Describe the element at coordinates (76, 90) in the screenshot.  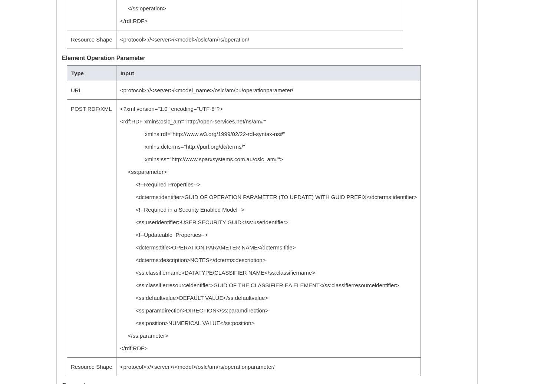
I see `'URL'` at that location.